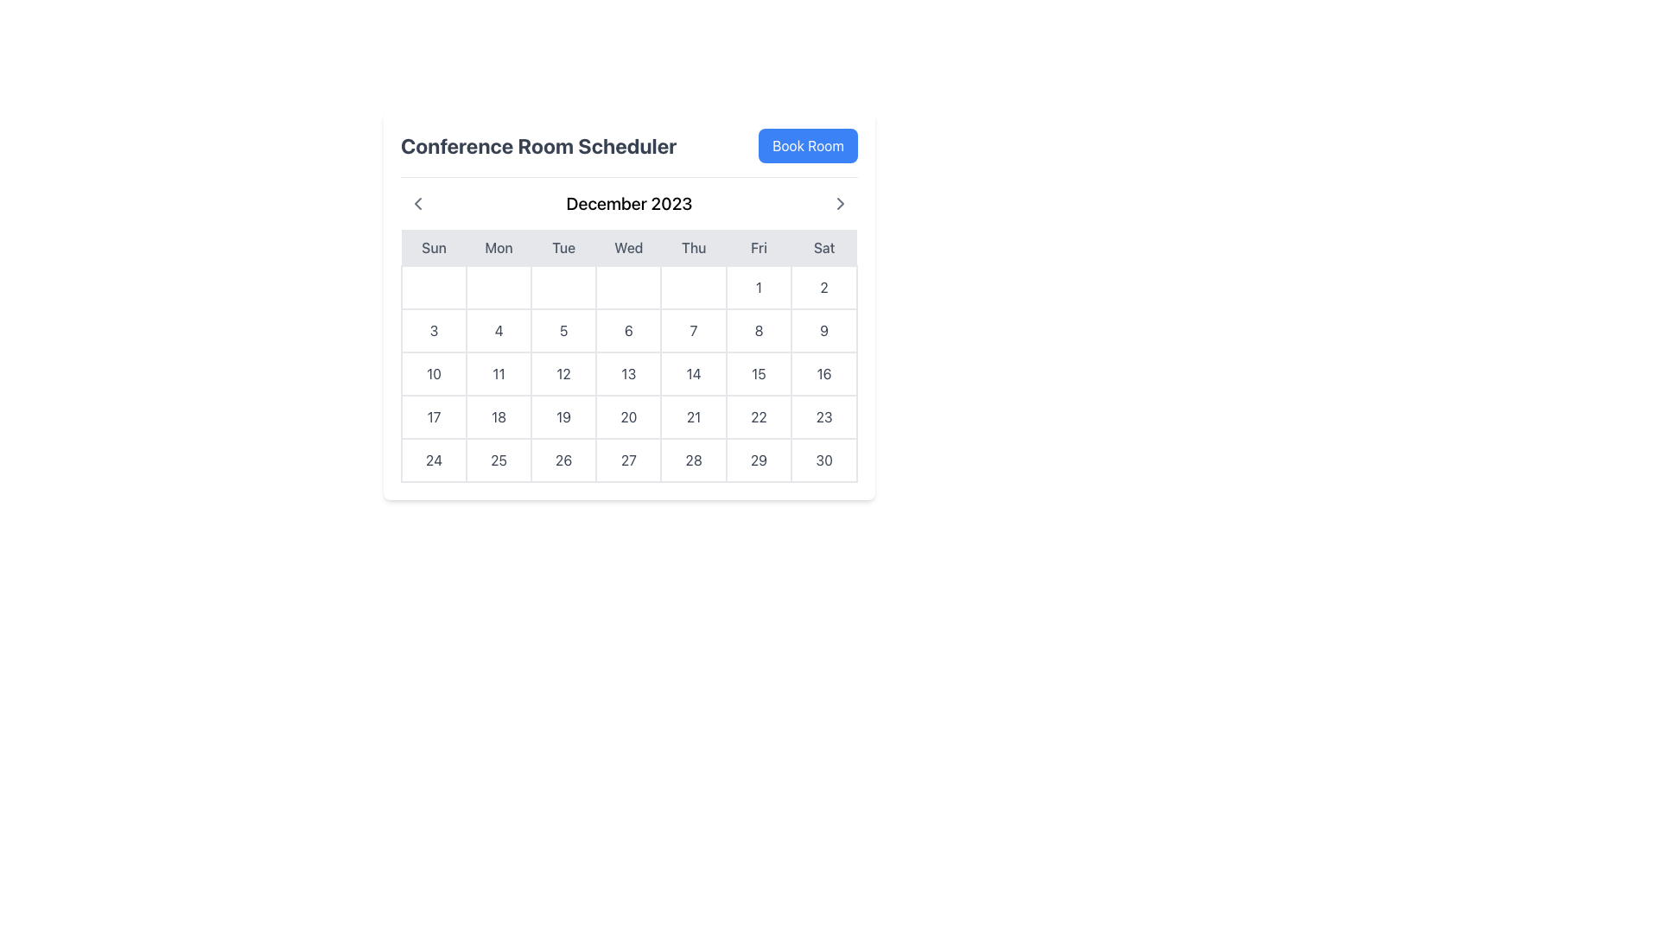 The width and height of the screenshot is (1659, 933). I want to click on the right-facing chevron button located in the calendar header section to advance from December 2023 to the next month, so click(841, 202).